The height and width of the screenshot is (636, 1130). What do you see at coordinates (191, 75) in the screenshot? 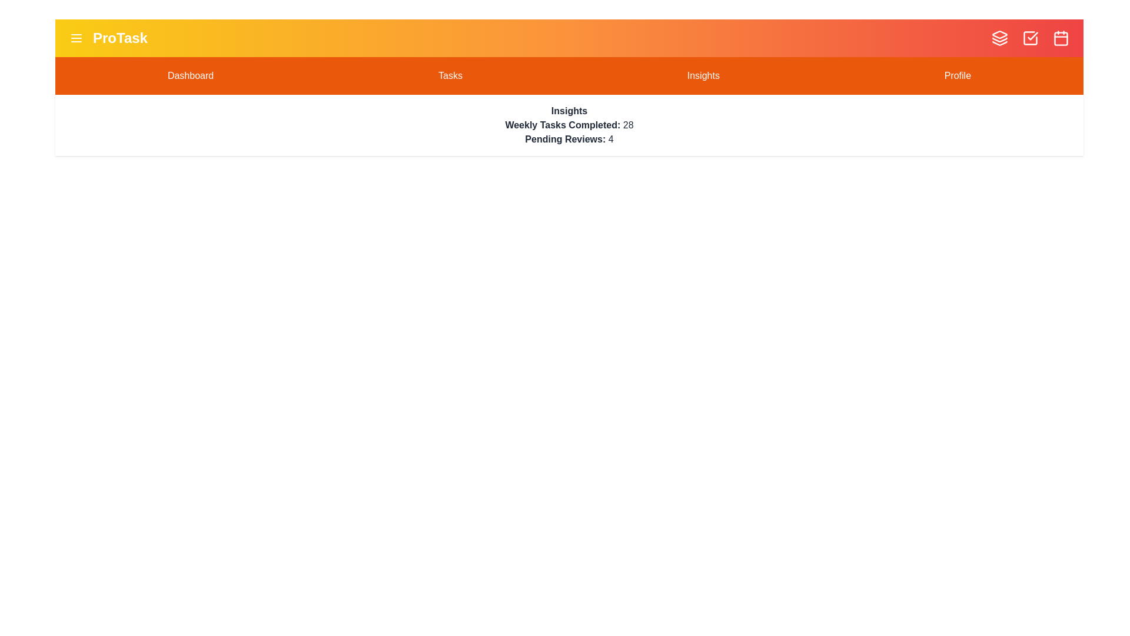
I see `the Dashboard section in the navigation bar` at bounding box center [191, 75].